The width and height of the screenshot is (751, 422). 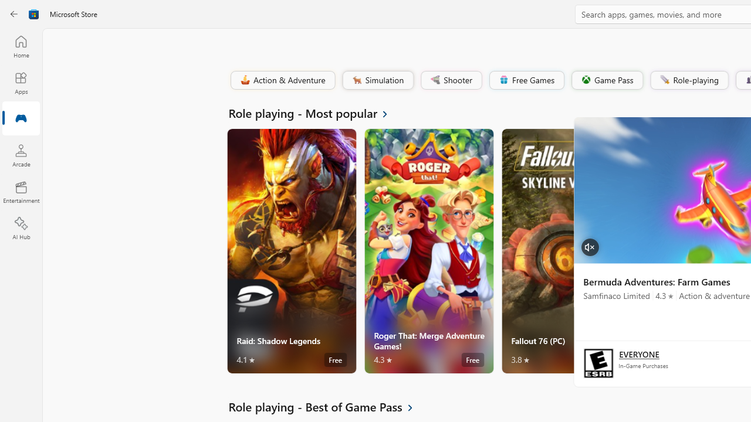 What do you see at coordinates (526, 79) in the screenshot?
I see `'Free Games'` at bounding box center [526, 79].